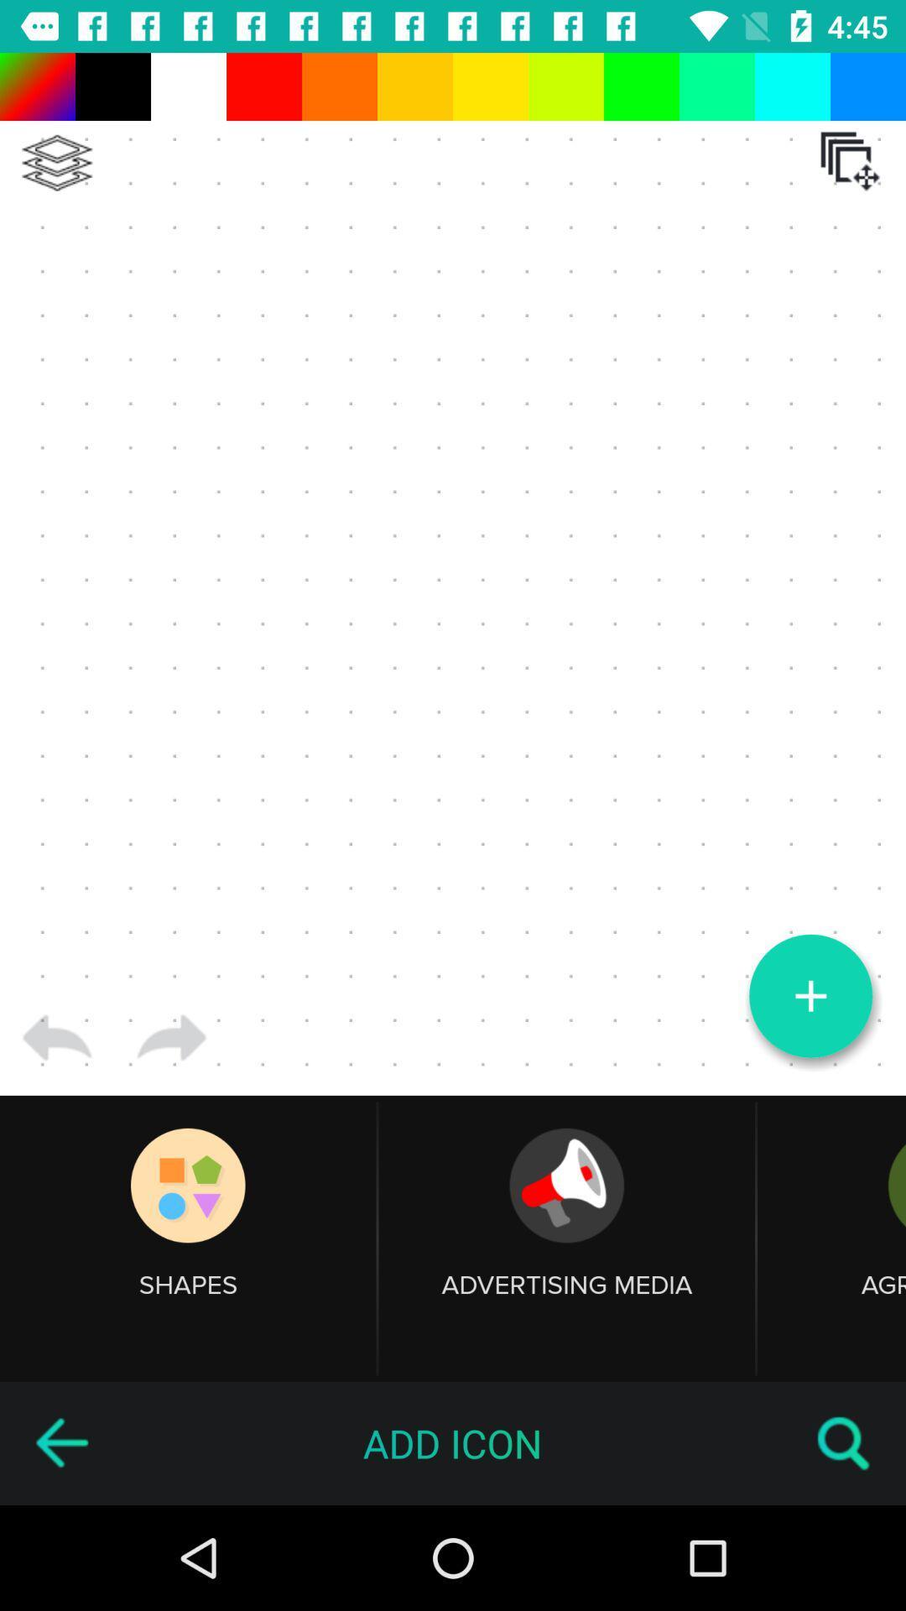  What do you see at coordinates (453, 574) in the screenshot?
I see `drawing in this field` at bounding box center [453, 574].